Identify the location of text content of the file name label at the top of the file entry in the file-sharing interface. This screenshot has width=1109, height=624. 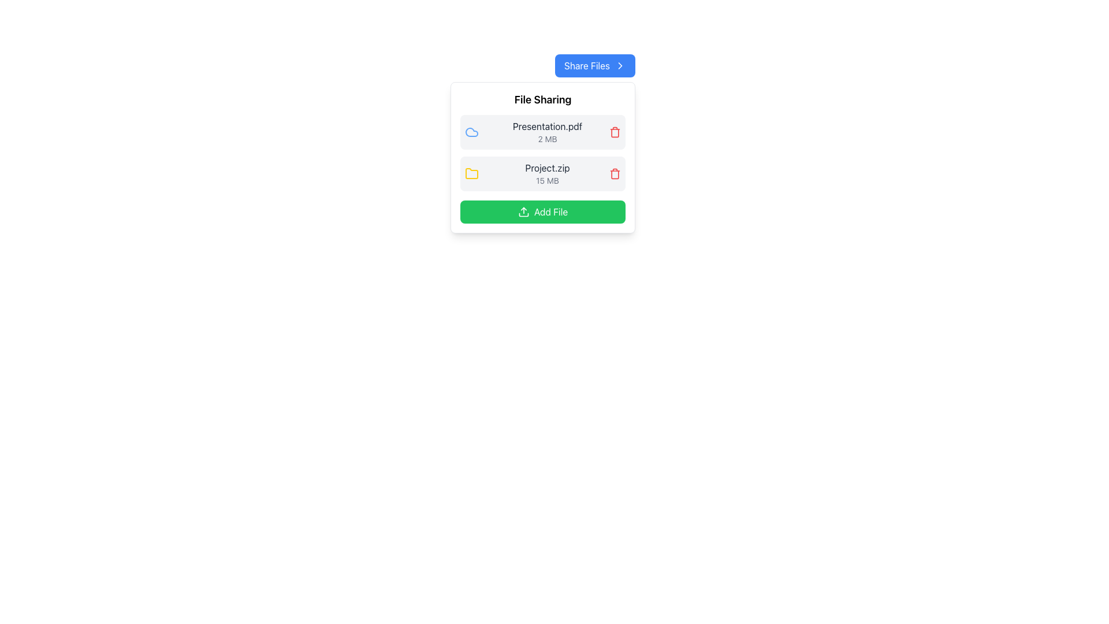
(547, 127).